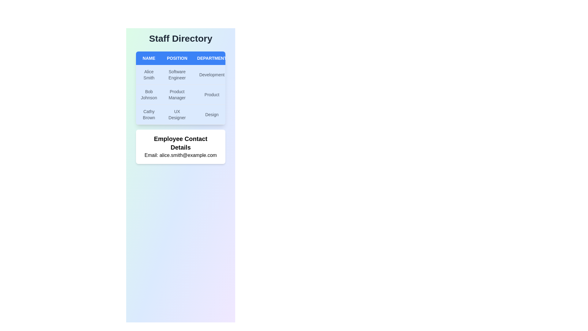  I want to click on the Text label displaying the name 'Bob Johnson', which is located in the second row, first column of the table under 'Alice Smith' and adjacent to 'Product Manager', so click(149, 94).